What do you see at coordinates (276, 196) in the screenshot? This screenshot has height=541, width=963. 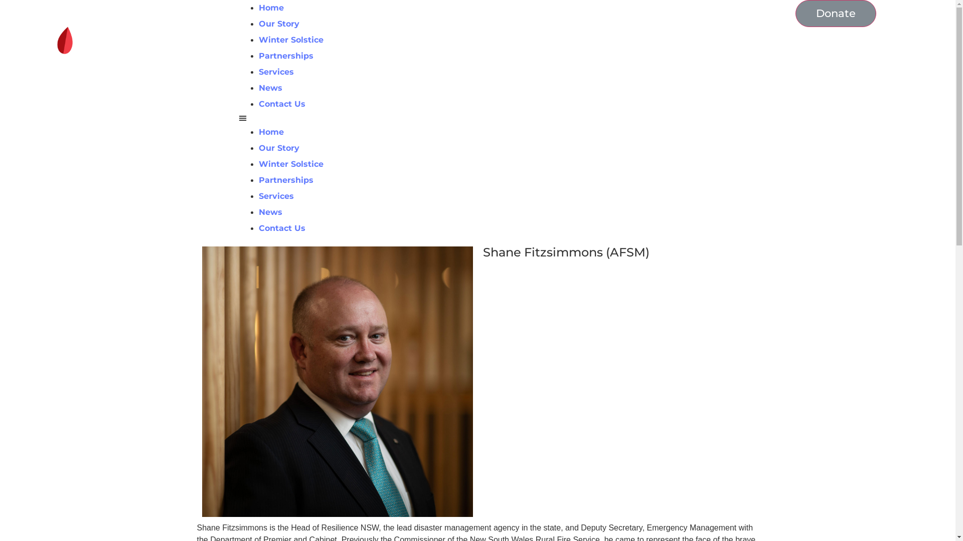 I see `'Services'` at bounding box center [276, 196].